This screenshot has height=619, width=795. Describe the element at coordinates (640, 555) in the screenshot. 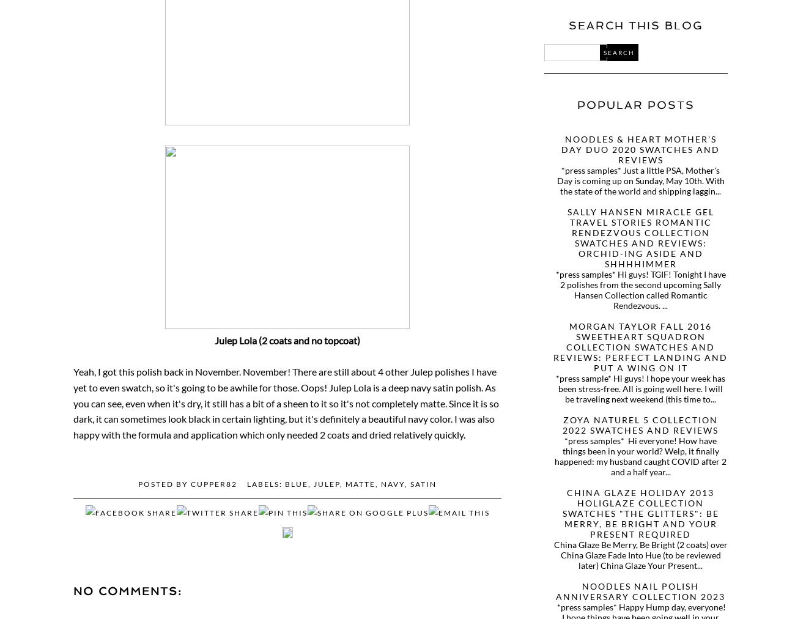

I see `'China Glaze Be Merry, Be Bright (2 coats) over China Glaze Fade Into Hue (to be reviewed later)            China Glaze Your Present...'` at that location.